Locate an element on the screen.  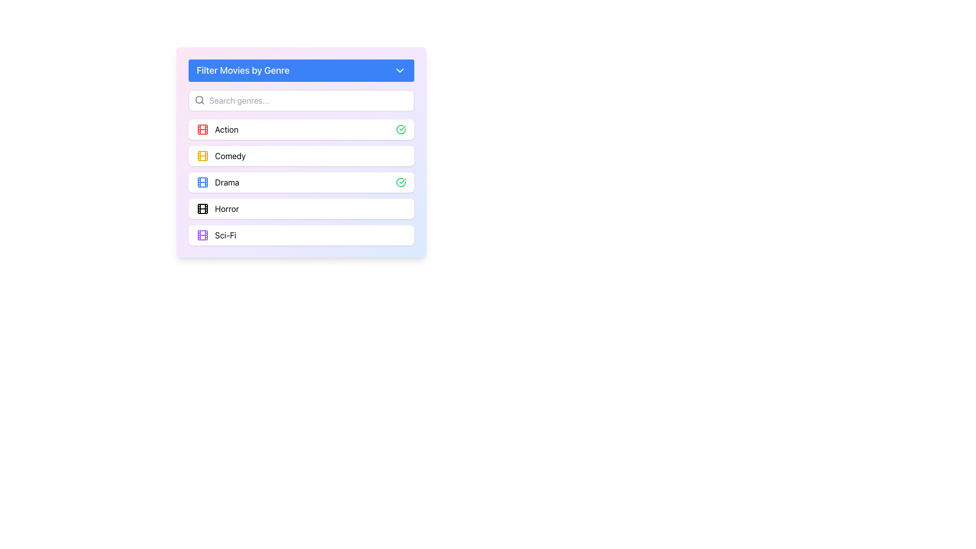
the 'Comedy' genre list item with icons, which is the second item is located at coordinates (301, 152).